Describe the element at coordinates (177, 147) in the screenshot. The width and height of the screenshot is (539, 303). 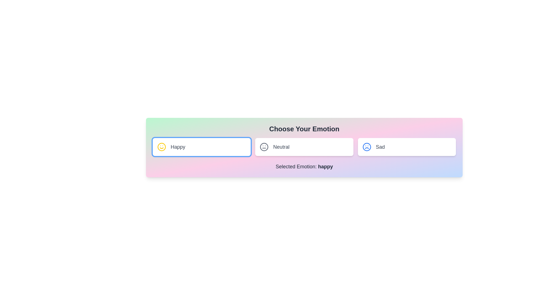
I see `the Text Label displaying the word 'Happy', which is styled with a medium-sized, bold, dark gray font and is positioned centrally within a rectangular card, to the right of a yellow smiley face graphic` at that location.